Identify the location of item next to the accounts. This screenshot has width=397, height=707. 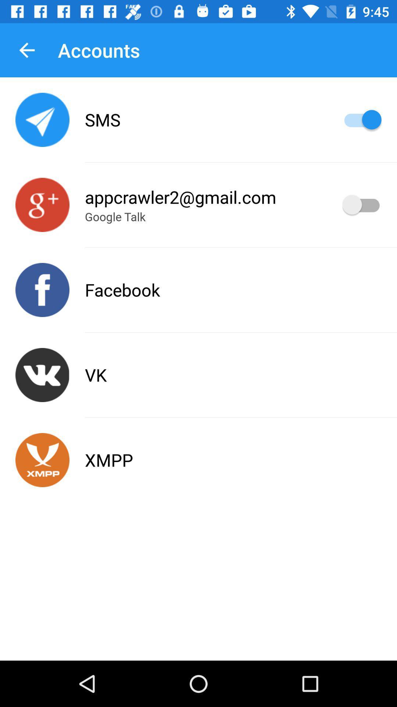
(26, 50).